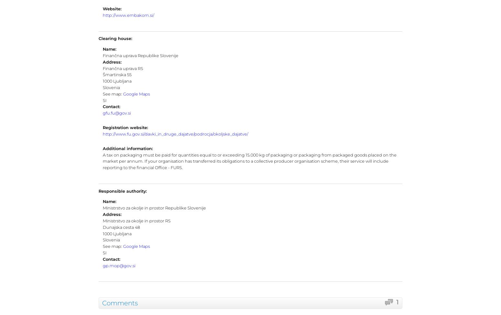 The width and height of the screenshot is (501, 315). Describe the element at coordinates (102, 9) in the screenshot. I see `'Website:'` at that location.